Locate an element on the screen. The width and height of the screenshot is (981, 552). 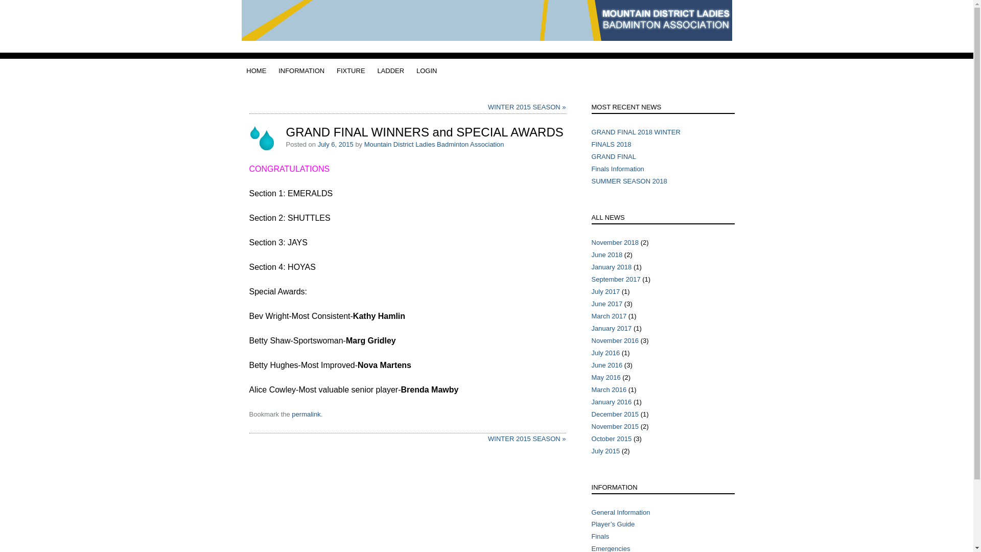
'GRAND FINAL 2018 WINTER' is located at coordinates (635, 131).